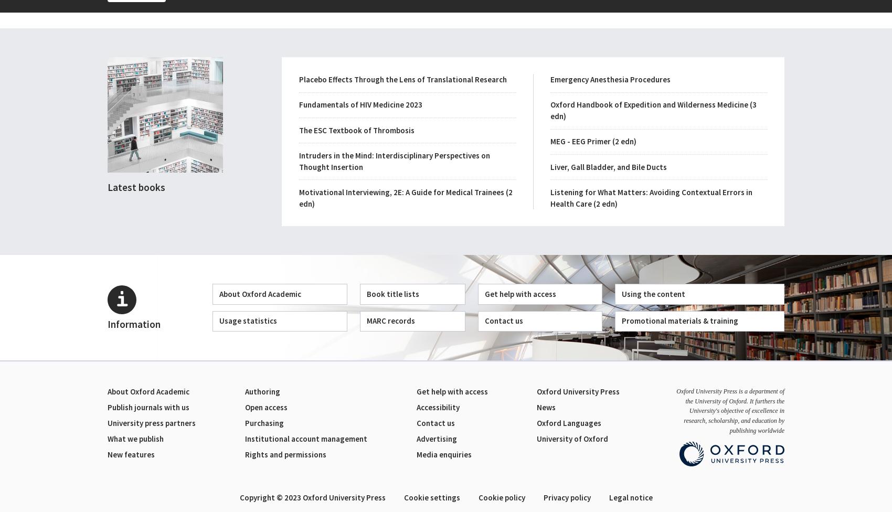 This screenshot has width=892, height=512. Describe the element at coordinates (608, 166) in the screenshot. I see `'Liver, Gall Bladder, and Bile Ducts'` at that location.